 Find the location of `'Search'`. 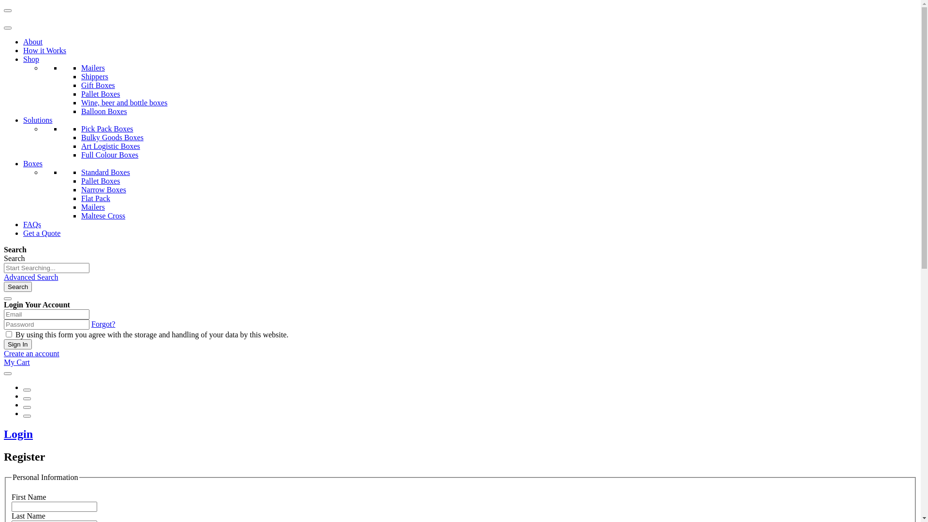

'Search' is located at coordinates (18, 286).